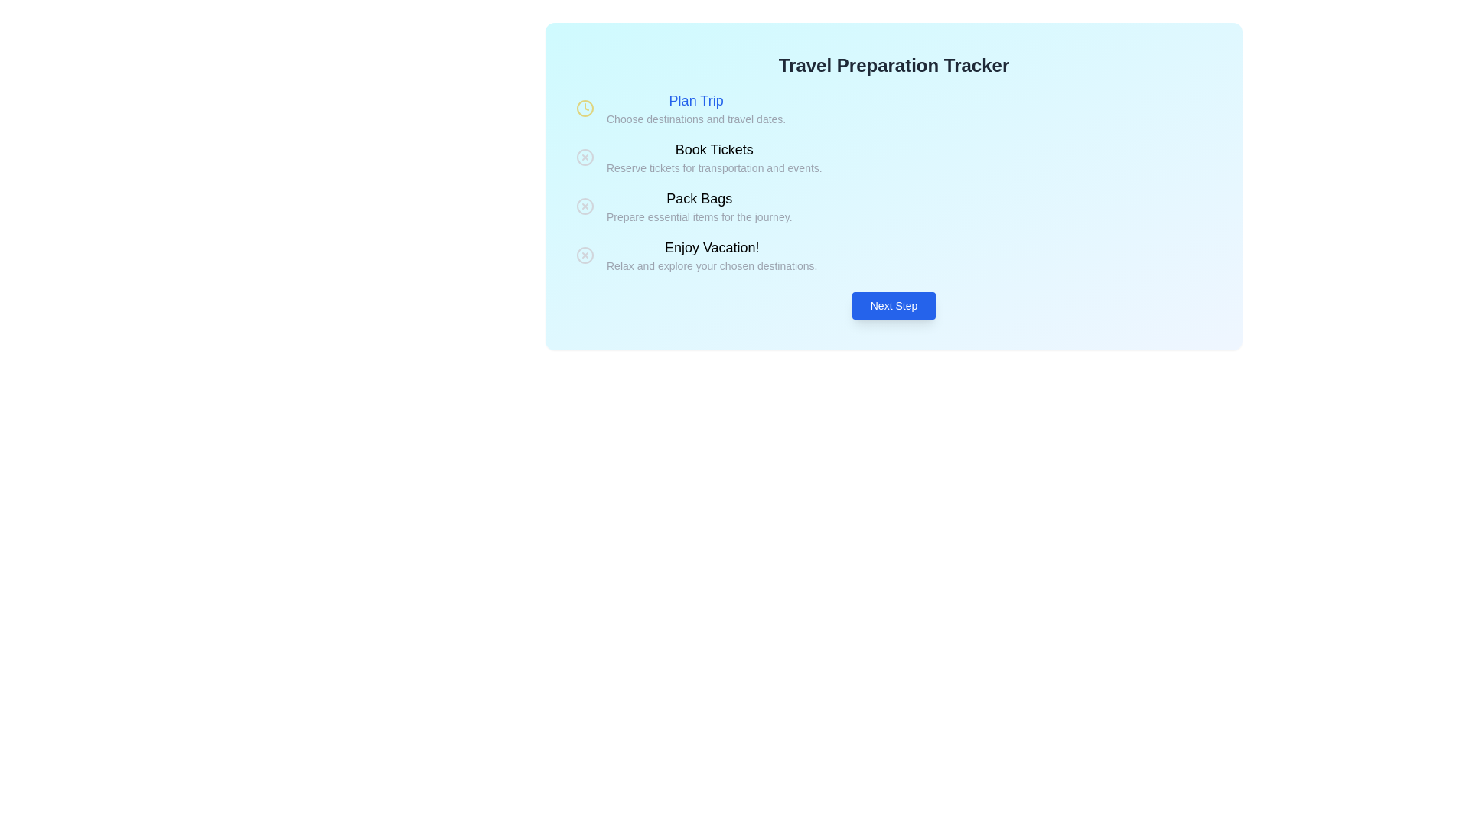 This screenshot has width=1469, height=826. What do you see at coordinates (695, 100) in the screenshot?
I see `the static text element displaying 'Plan Trip' in a medium-sized, blue, bold font style, which is positioned at the top-left section of the interface` at bounding box center [695, 100].